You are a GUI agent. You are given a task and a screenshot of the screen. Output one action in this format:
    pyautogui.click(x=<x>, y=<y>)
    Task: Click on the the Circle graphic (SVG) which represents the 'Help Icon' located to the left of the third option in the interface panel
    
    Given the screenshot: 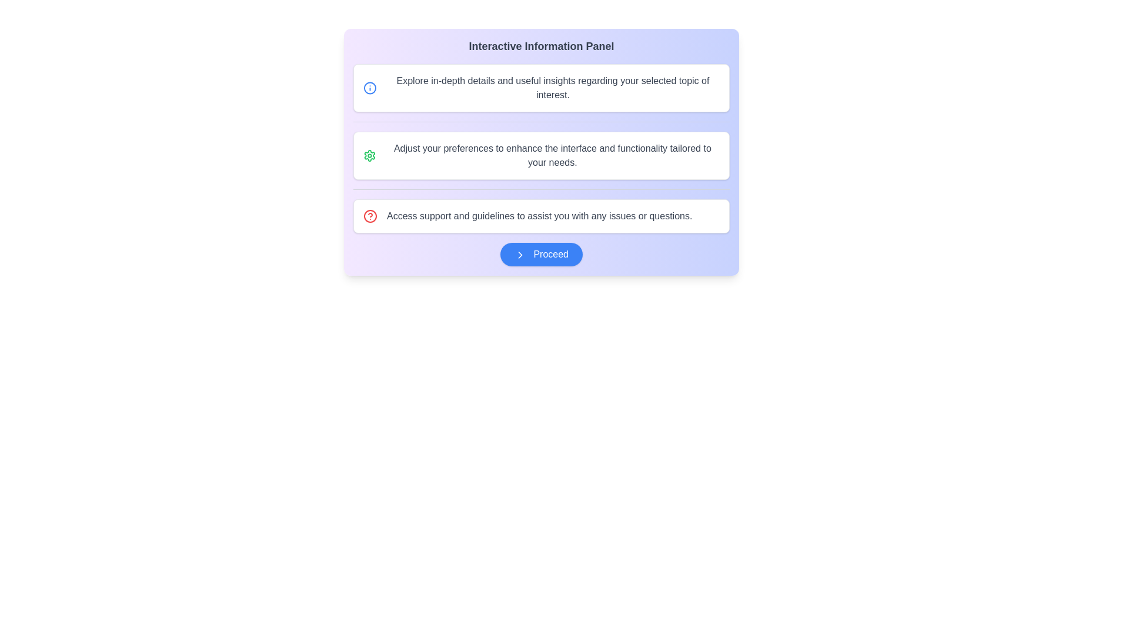 What is the action you would take?
    pyautogui.click(x=369, y=216)
    